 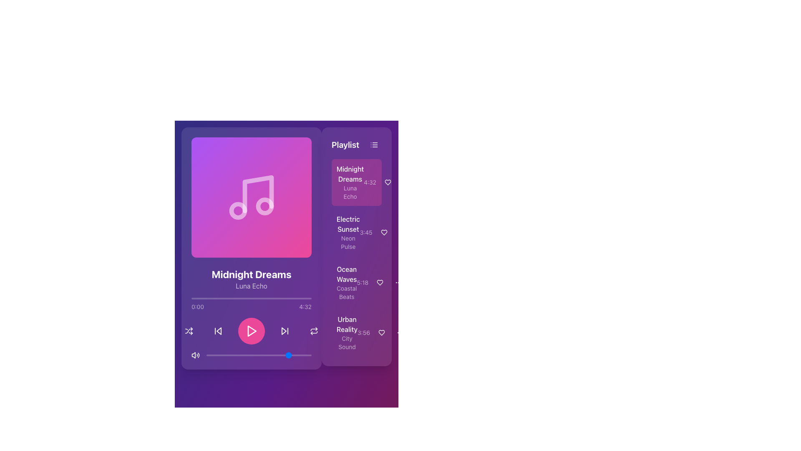 I want to click on playback progress, so click(x=243, y=355).